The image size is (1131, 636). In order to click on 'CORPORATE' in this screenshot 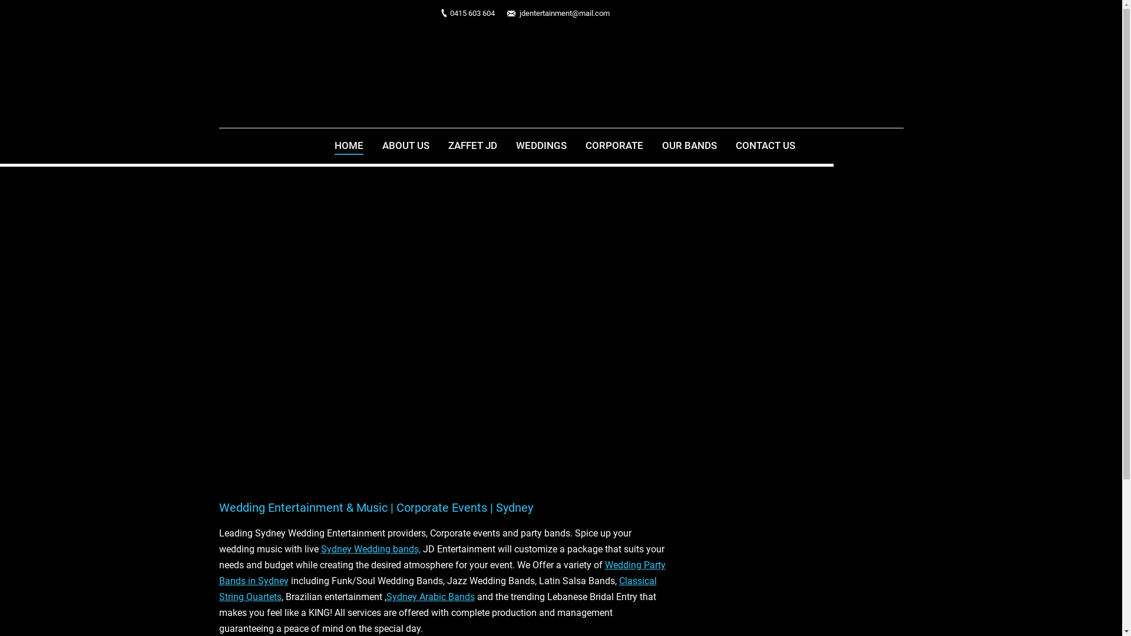, I will do `click(613, 145)`.